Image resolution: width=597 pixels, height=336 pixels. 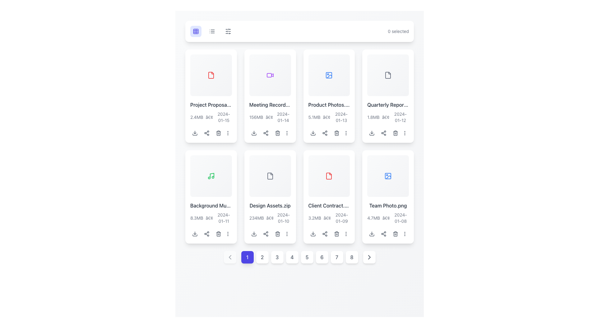 What do you see at coordinates (388, 75) in the screenshot?
I see `the icon indicating the type of content associated with the 'Quarterly Report' card, located in the upper half of the card in the third column` at bounding box center [388, 75].